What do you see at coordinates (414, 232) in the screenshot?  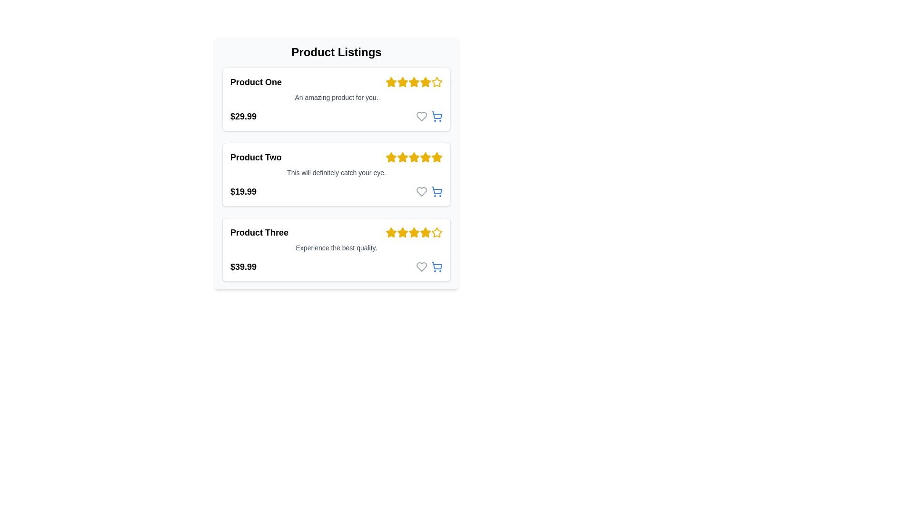 I see `the third star icon in the rating interface for 'Product Three', which is a golden-yellow five-point star icon positioned among other star icons` at bounding box center [414, 232].